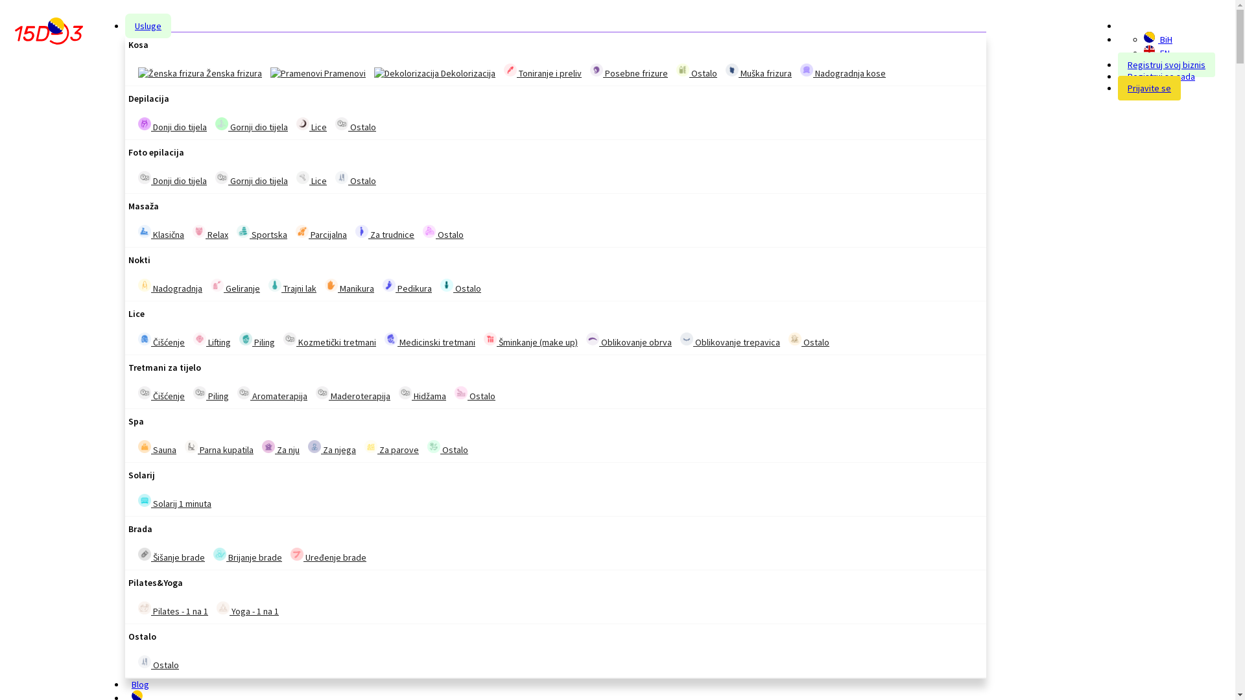  I want to click on 'Trajni lak', so click(292, 286).